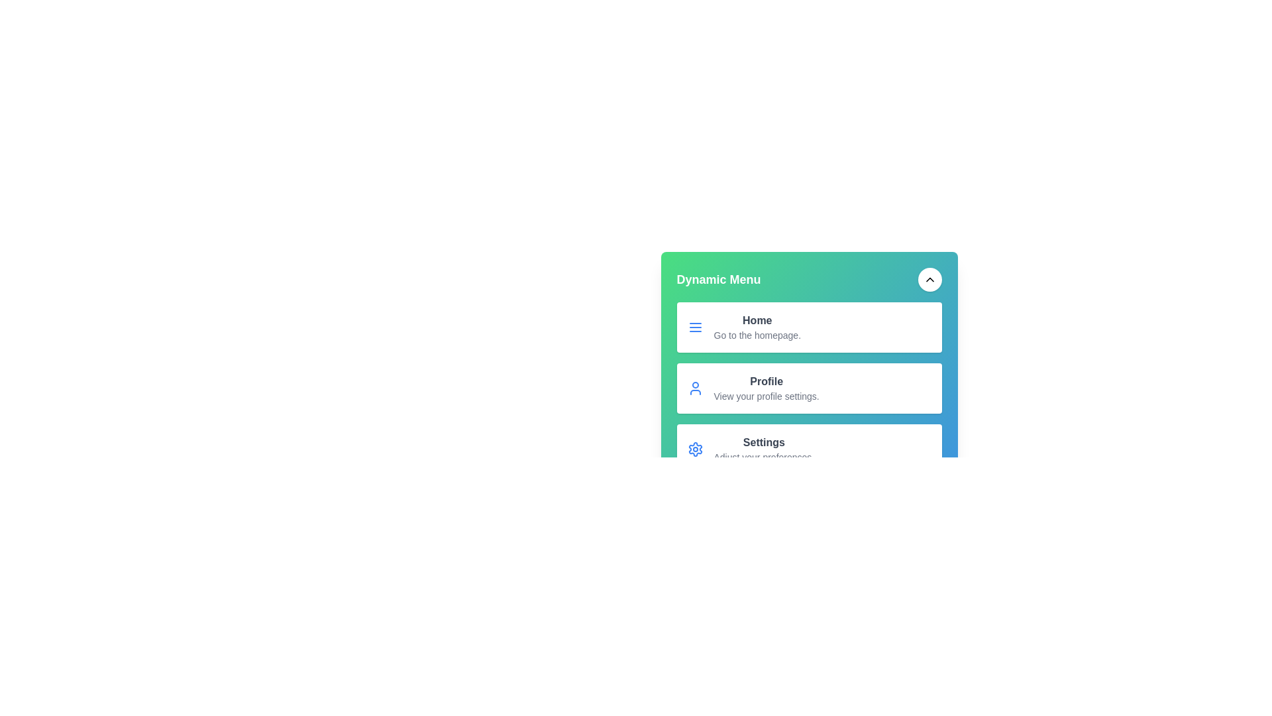  Describe the element at coordinates (764, 449) in the screenshot. I see `the text component labeled 'Settings' located at the bottom of the menu section` at that location.